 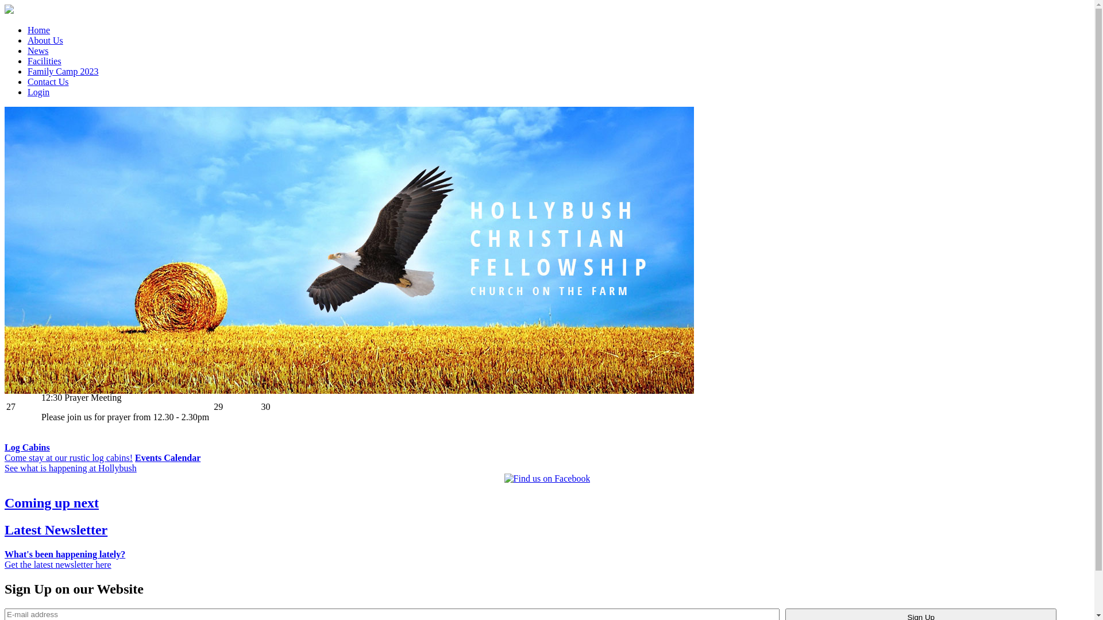 I want to click on 'Facilities', so click(x=44, y=61).